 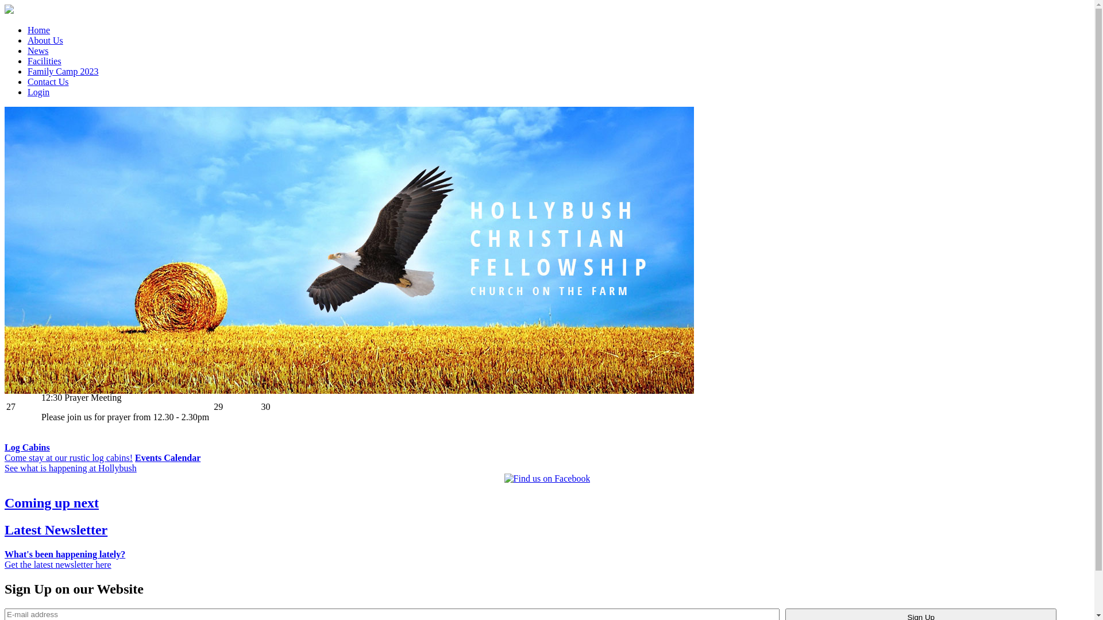 I want to click on 'Facilities', so click(x=44, y=61).